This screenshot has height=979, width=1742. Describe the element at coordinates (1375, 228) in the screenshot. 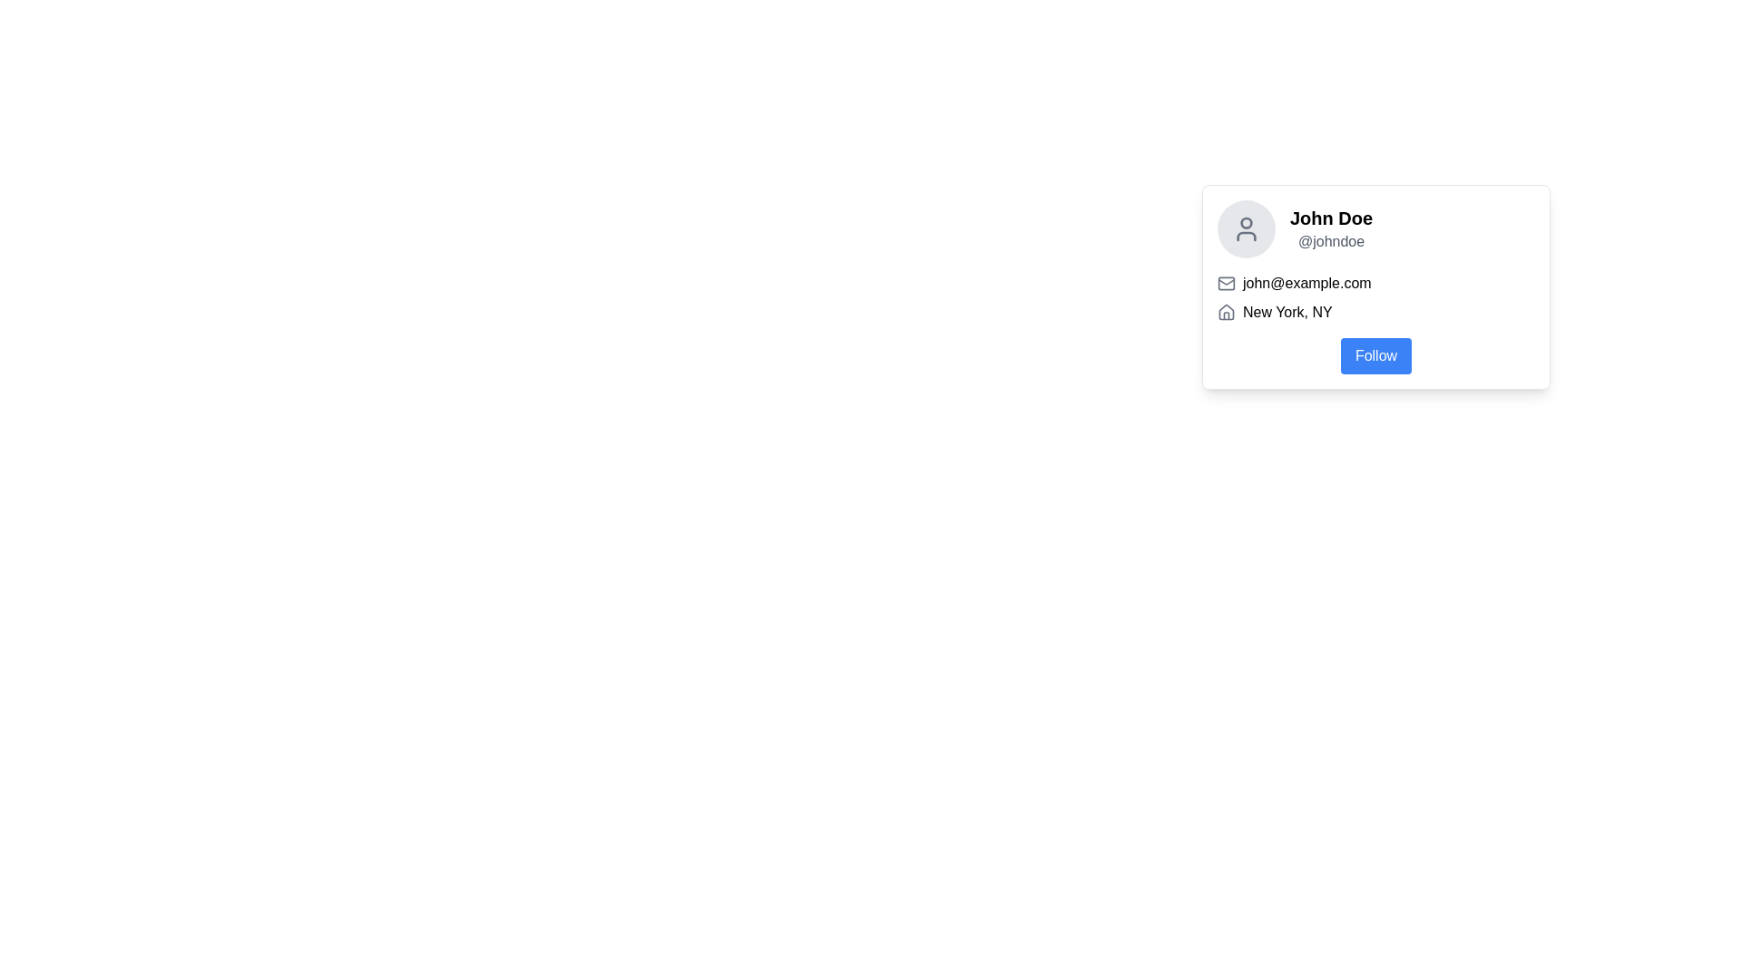

I see `name and handle information from the profile card's user name and handle display, which is located in the top section of the profile card, above the email and location information` at that location.